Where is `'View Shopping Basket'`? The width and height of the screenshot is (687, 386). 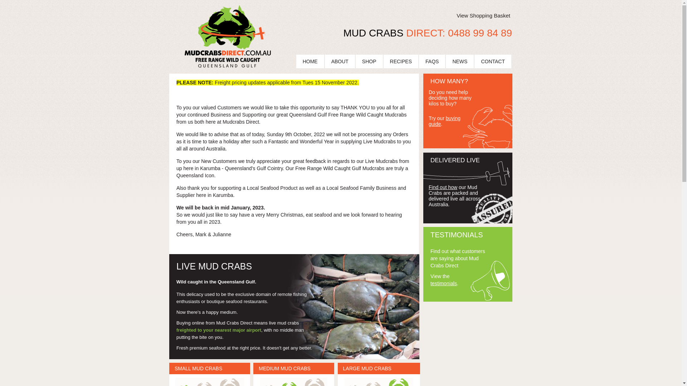 'View Shopping Basket' is located at coordinates (483, 15).